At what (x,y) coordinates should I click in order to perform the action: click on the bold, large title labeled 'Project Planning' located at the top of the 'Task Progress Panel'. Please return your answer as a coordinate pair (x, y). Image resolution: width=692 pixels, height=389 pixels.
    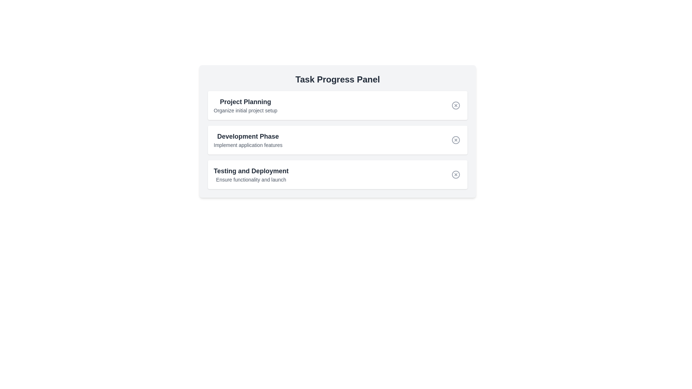
    Looking at the image, I should click on (245, 102).